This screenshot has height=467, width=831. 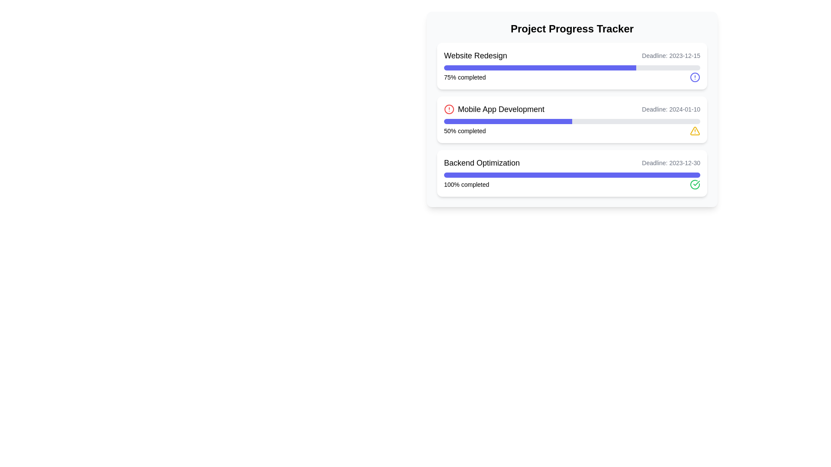 I want to click on the filled portion of the Progress Bar representing 75% completion of the 'Website Redesign' project, located below the project title and above the text '75% completed', so click(x=540, y=67).